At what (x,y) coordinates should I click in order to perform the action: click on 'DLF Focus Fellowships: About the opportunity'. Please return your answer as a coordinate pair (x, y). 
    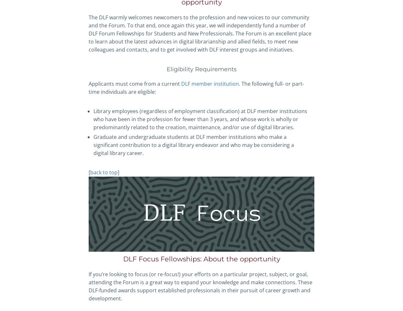
    Looking at the image, I should click on (201, 259).